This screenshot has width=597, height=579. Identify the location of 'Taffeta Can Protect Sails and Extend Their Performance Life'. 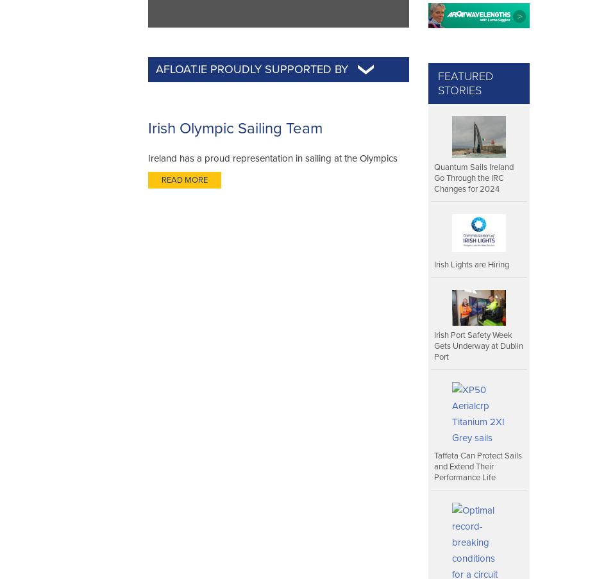
(478, 466).